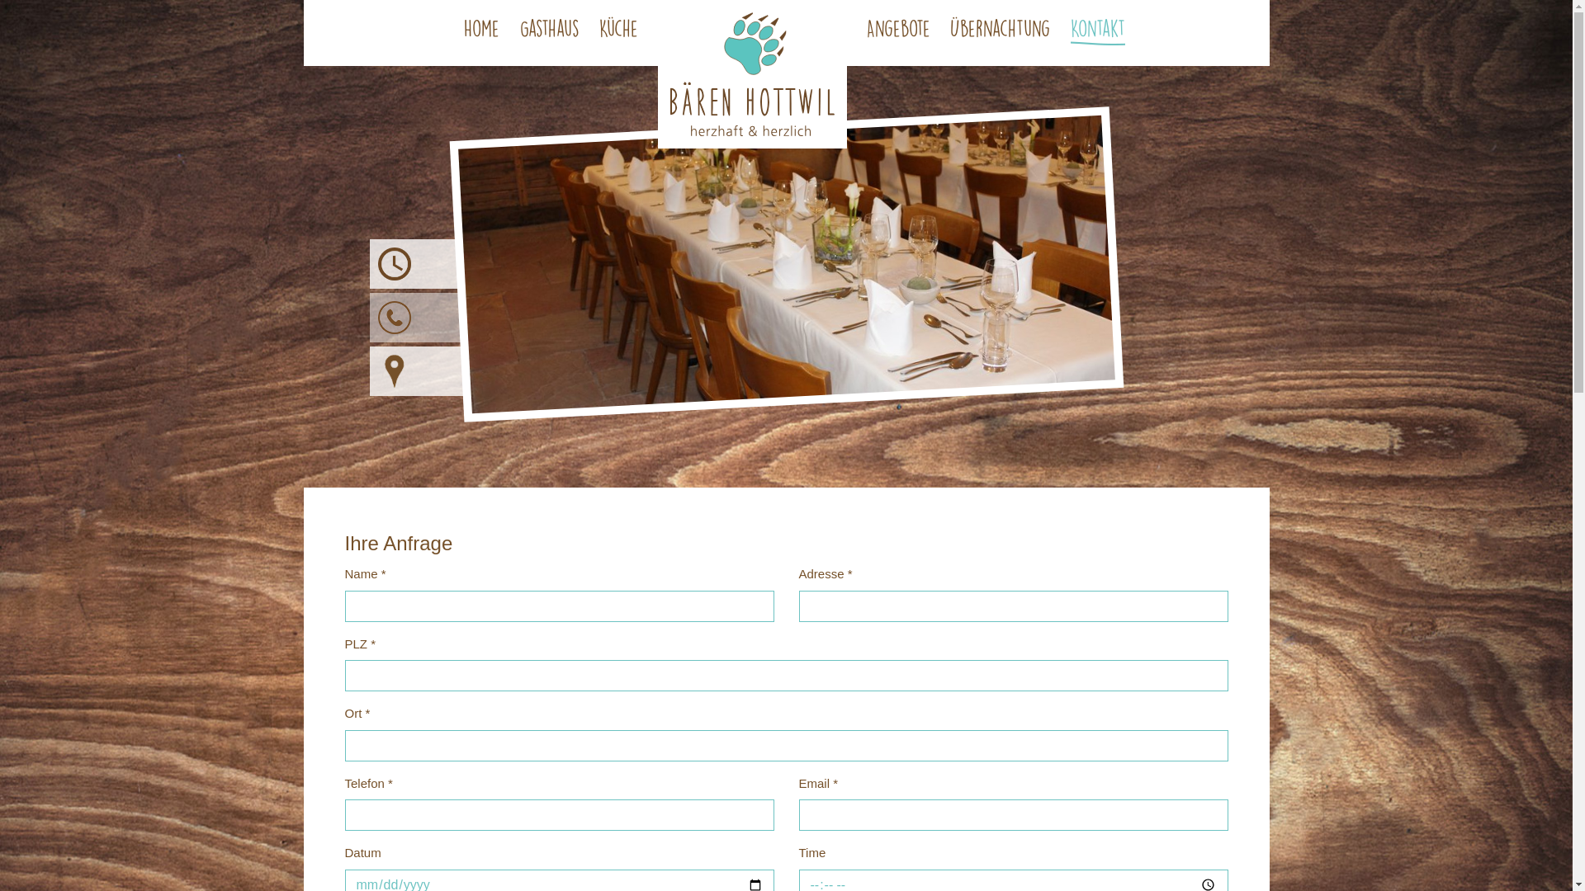  Describe the element at coordinates (897, 31) in the screenshot. I see `'Angebote'` at that location.